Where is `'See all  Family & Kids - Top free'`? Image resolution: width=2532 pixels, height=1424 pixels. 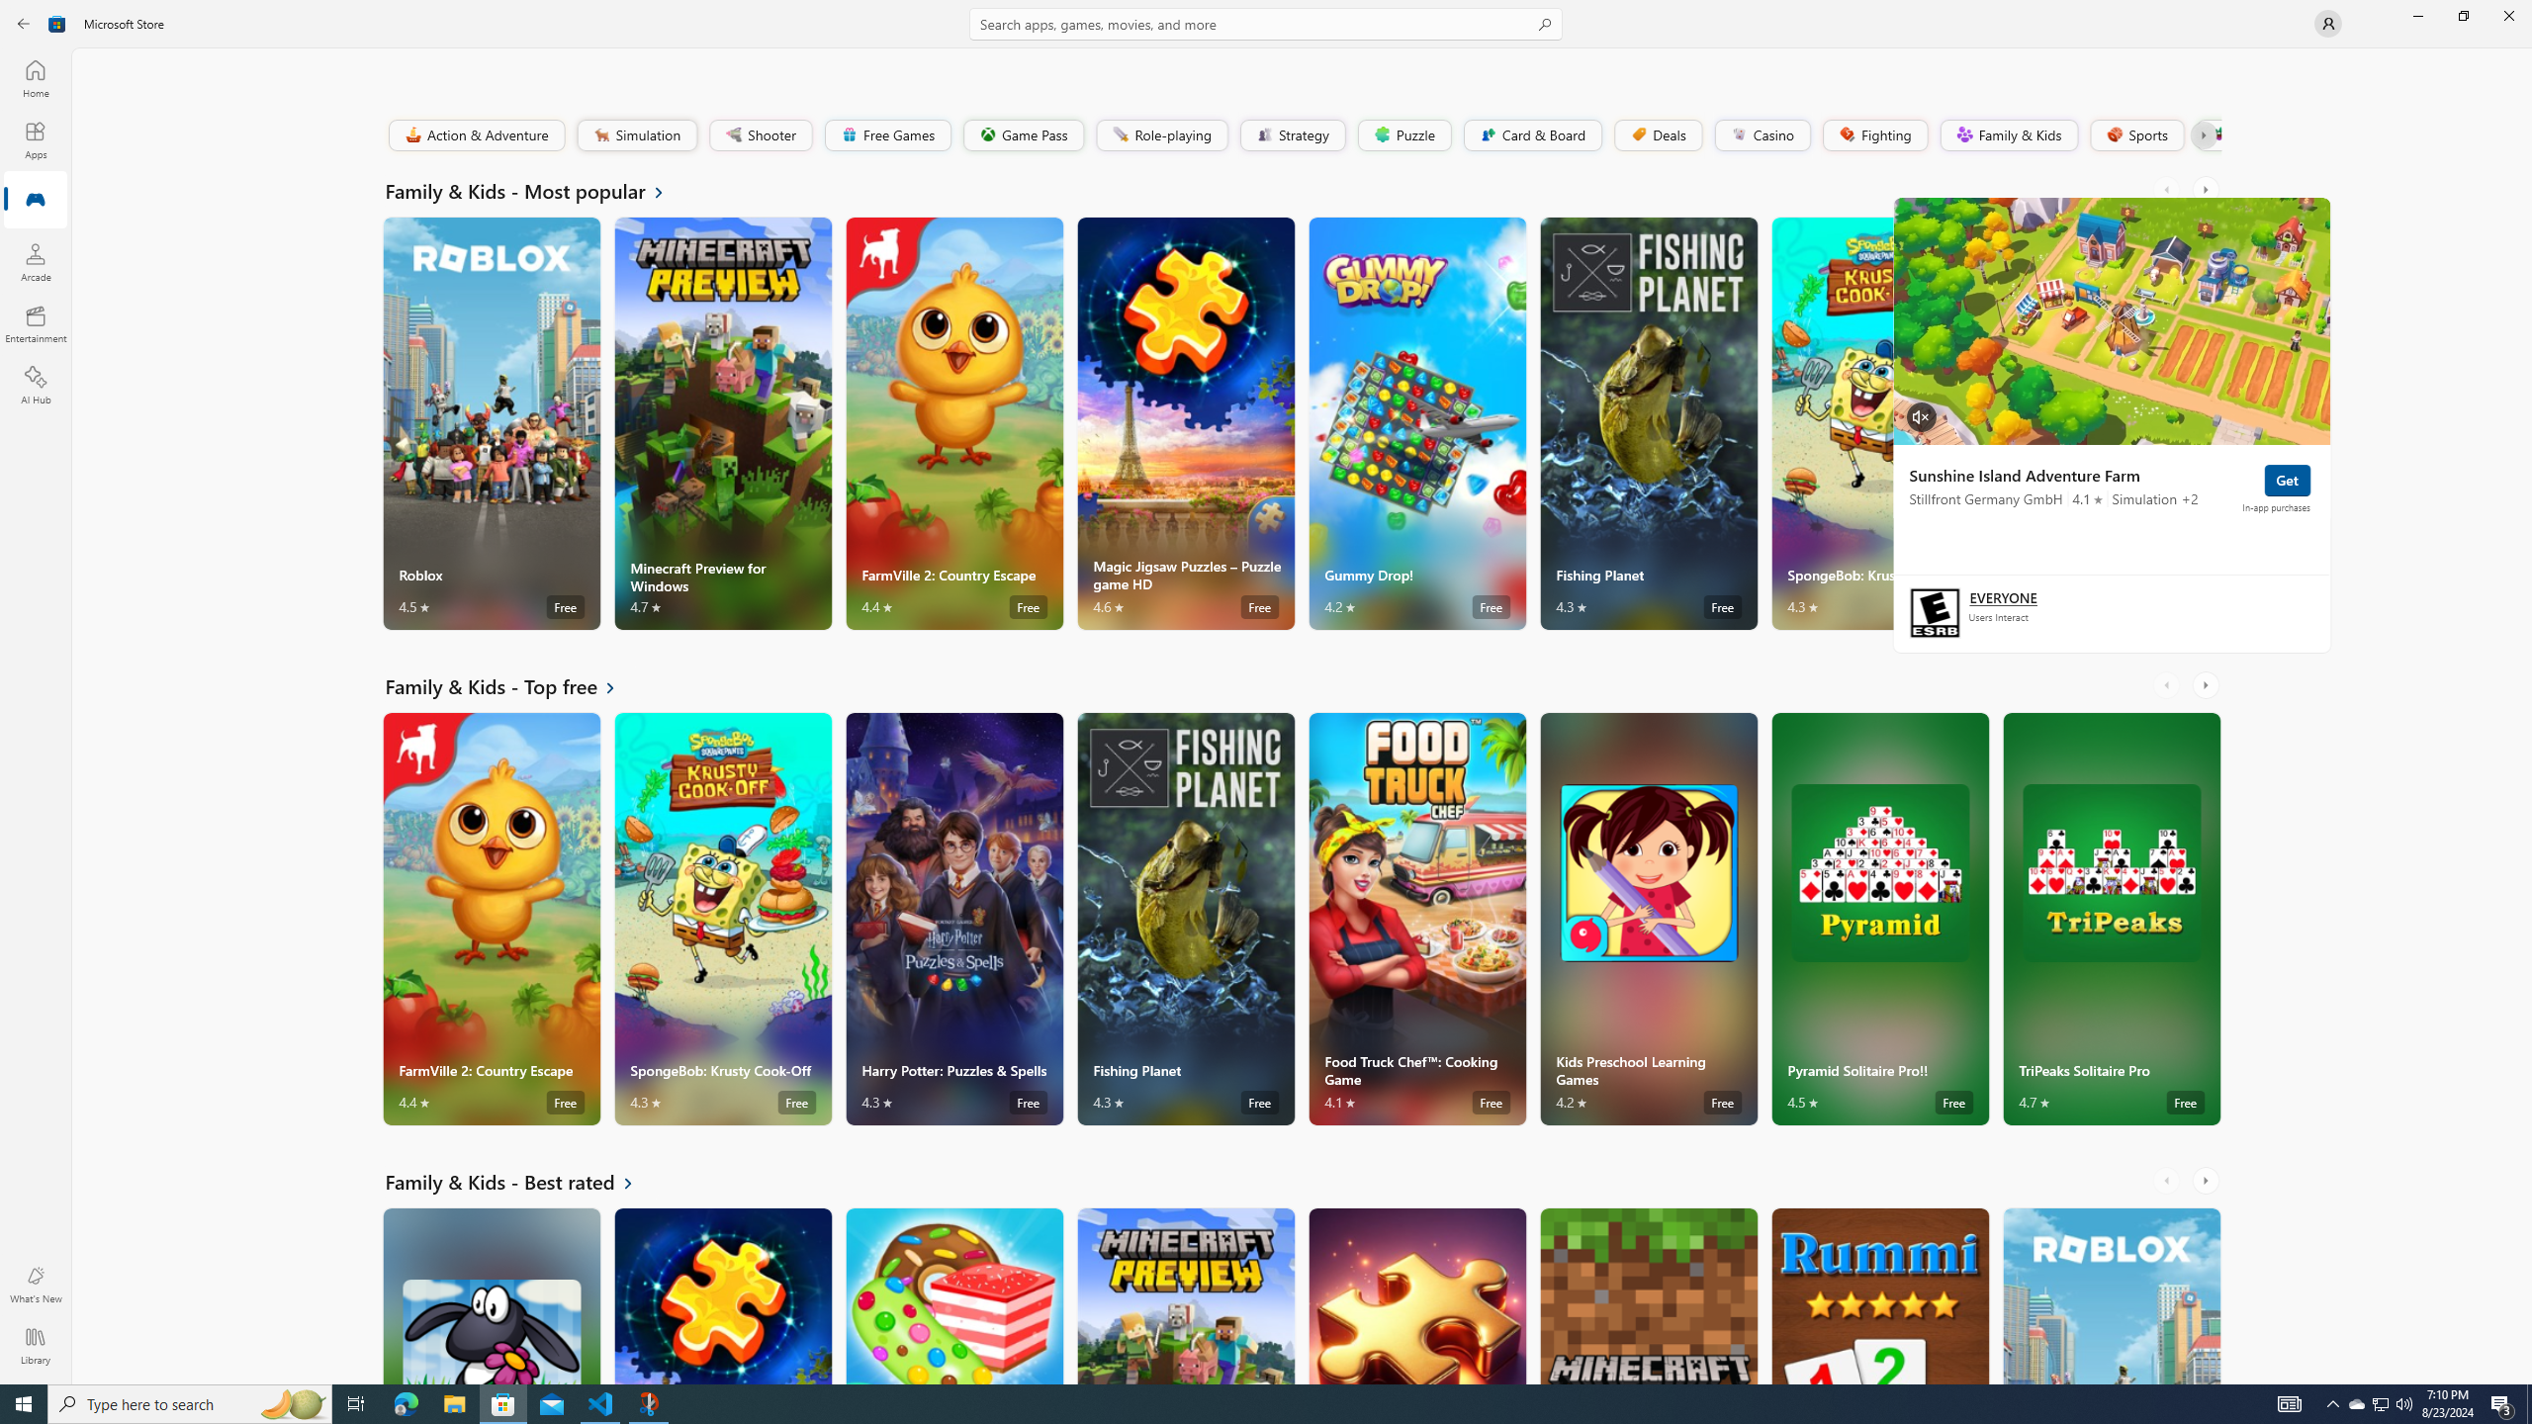 'See all  Family & Kids - Top free' is located at coordinates (511, 685).